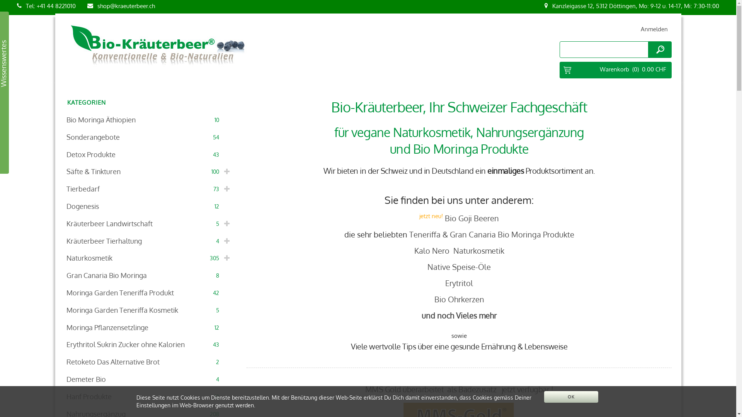 The width and height of the screenshot is (742, 417). Describe the element at coordinates (150, 189) in the screenshot. I see `'Tierbedarf` at that location.